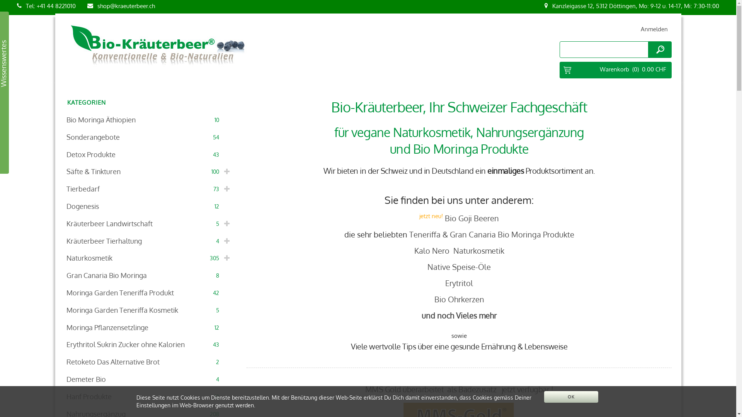 The width and height of the screenshot is (742, 417). Describe the element at coordinates (150, 189) in the screenshot. I see `'Tierbedarf` at that location.